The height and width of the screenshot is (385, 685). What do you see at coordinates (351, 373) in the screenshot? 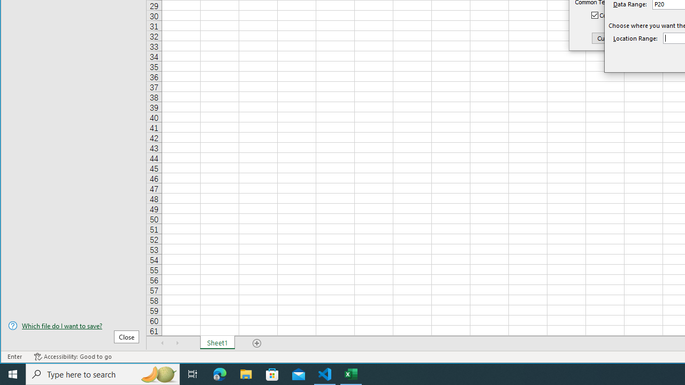
I see `'Excel - 1 running window'` at bounding box center [351, 373].